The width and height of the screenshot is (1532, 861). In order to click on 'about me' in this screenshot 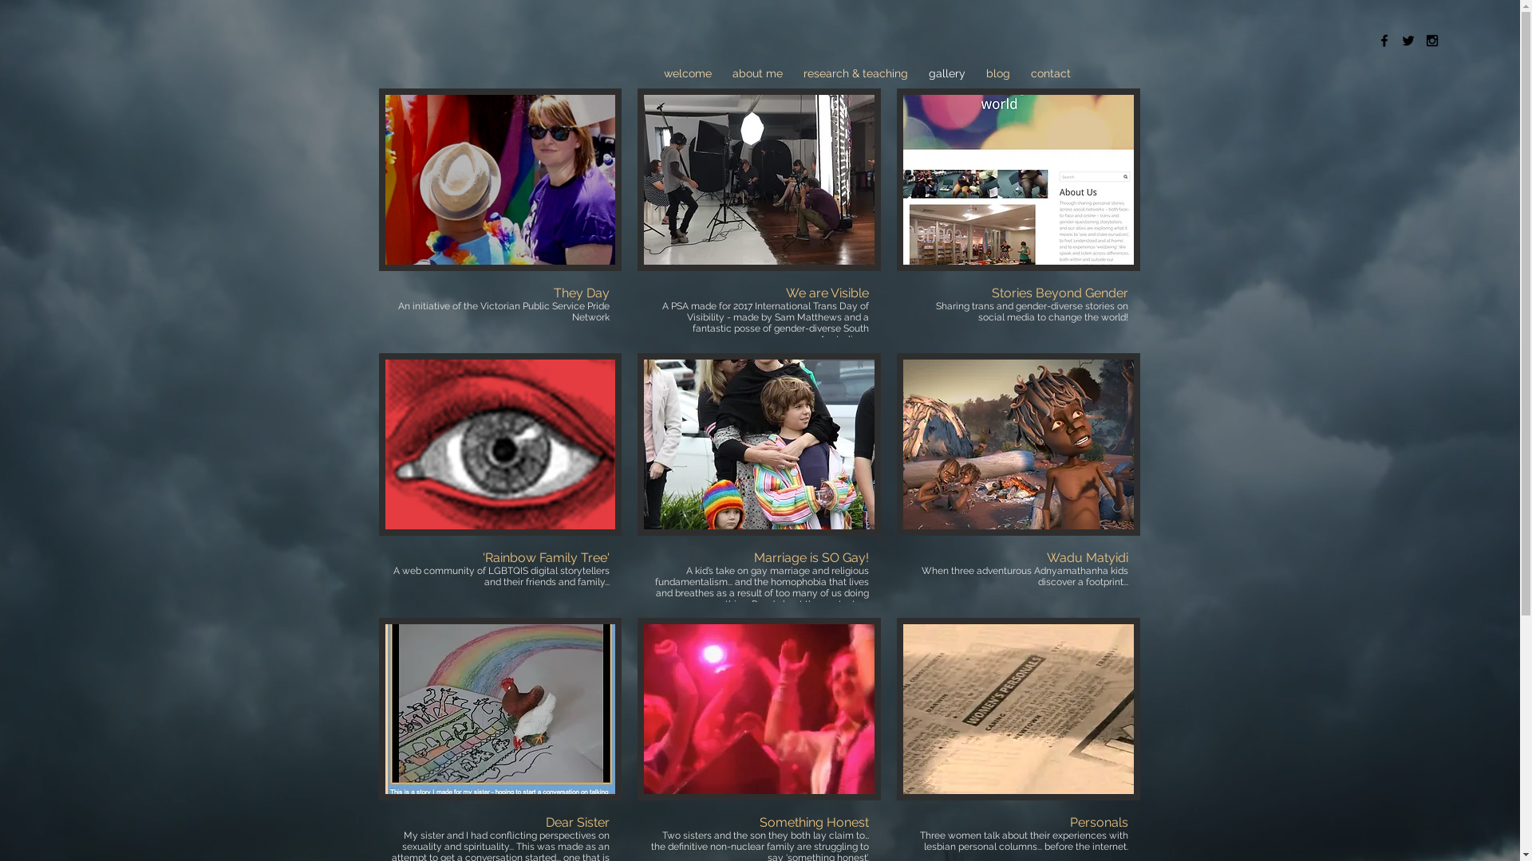, I will do `click(756, 73)`.